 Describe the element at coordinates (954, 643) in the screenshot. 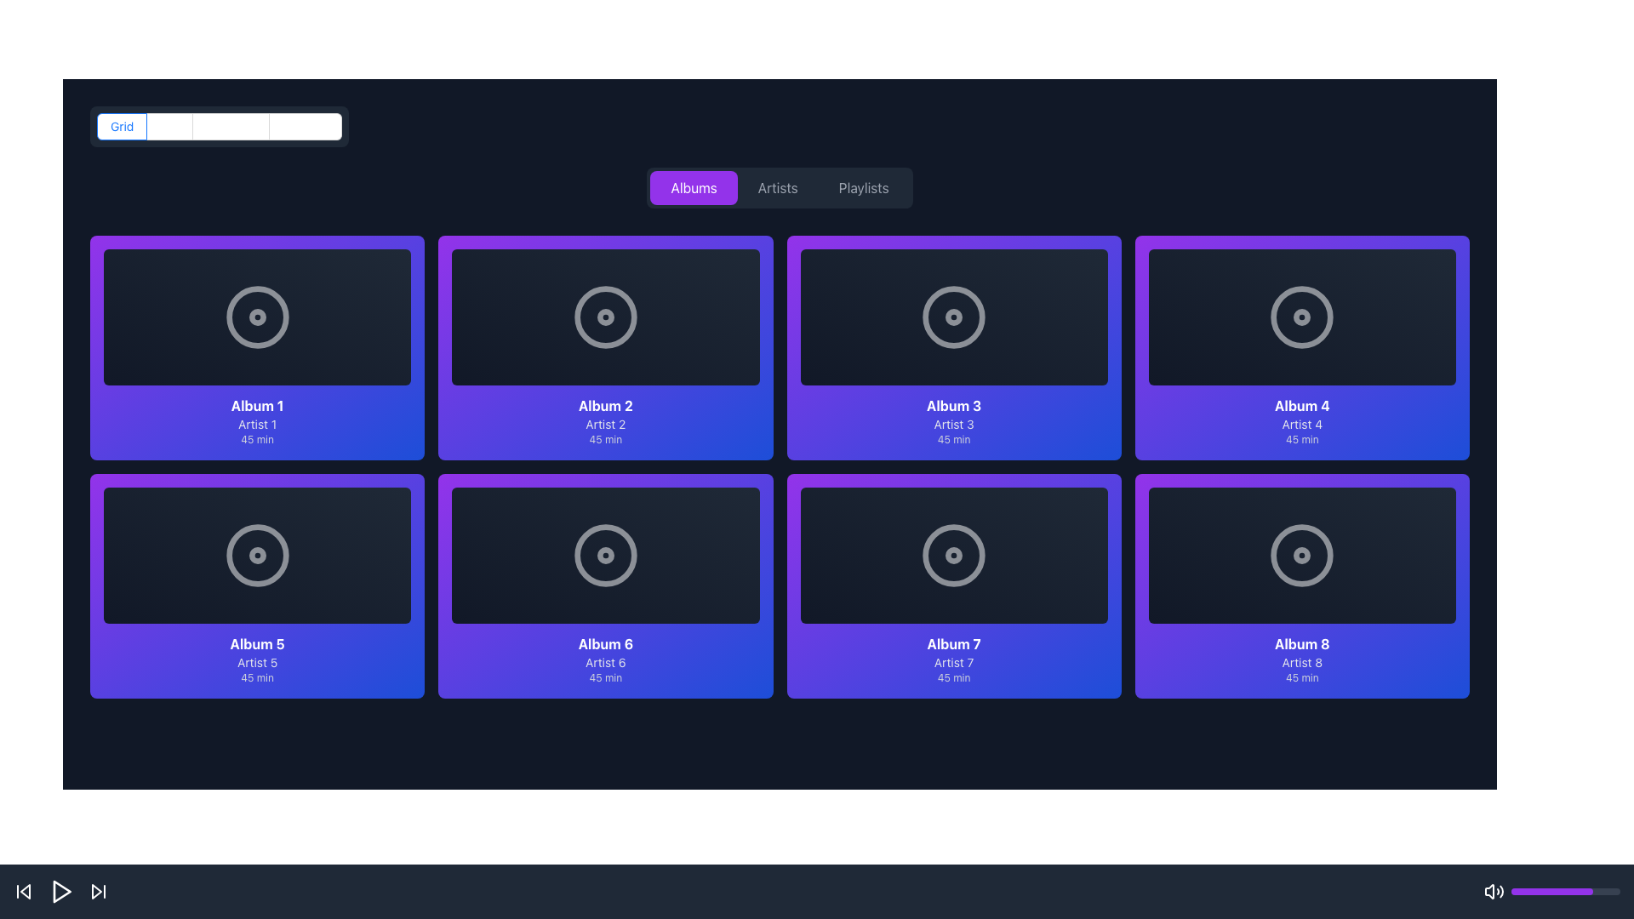

I see `text from the label identifying the album as 'Album 7', located in the lower region of the seventh album component in the grid layout, above 'Artist 7'` at that location.